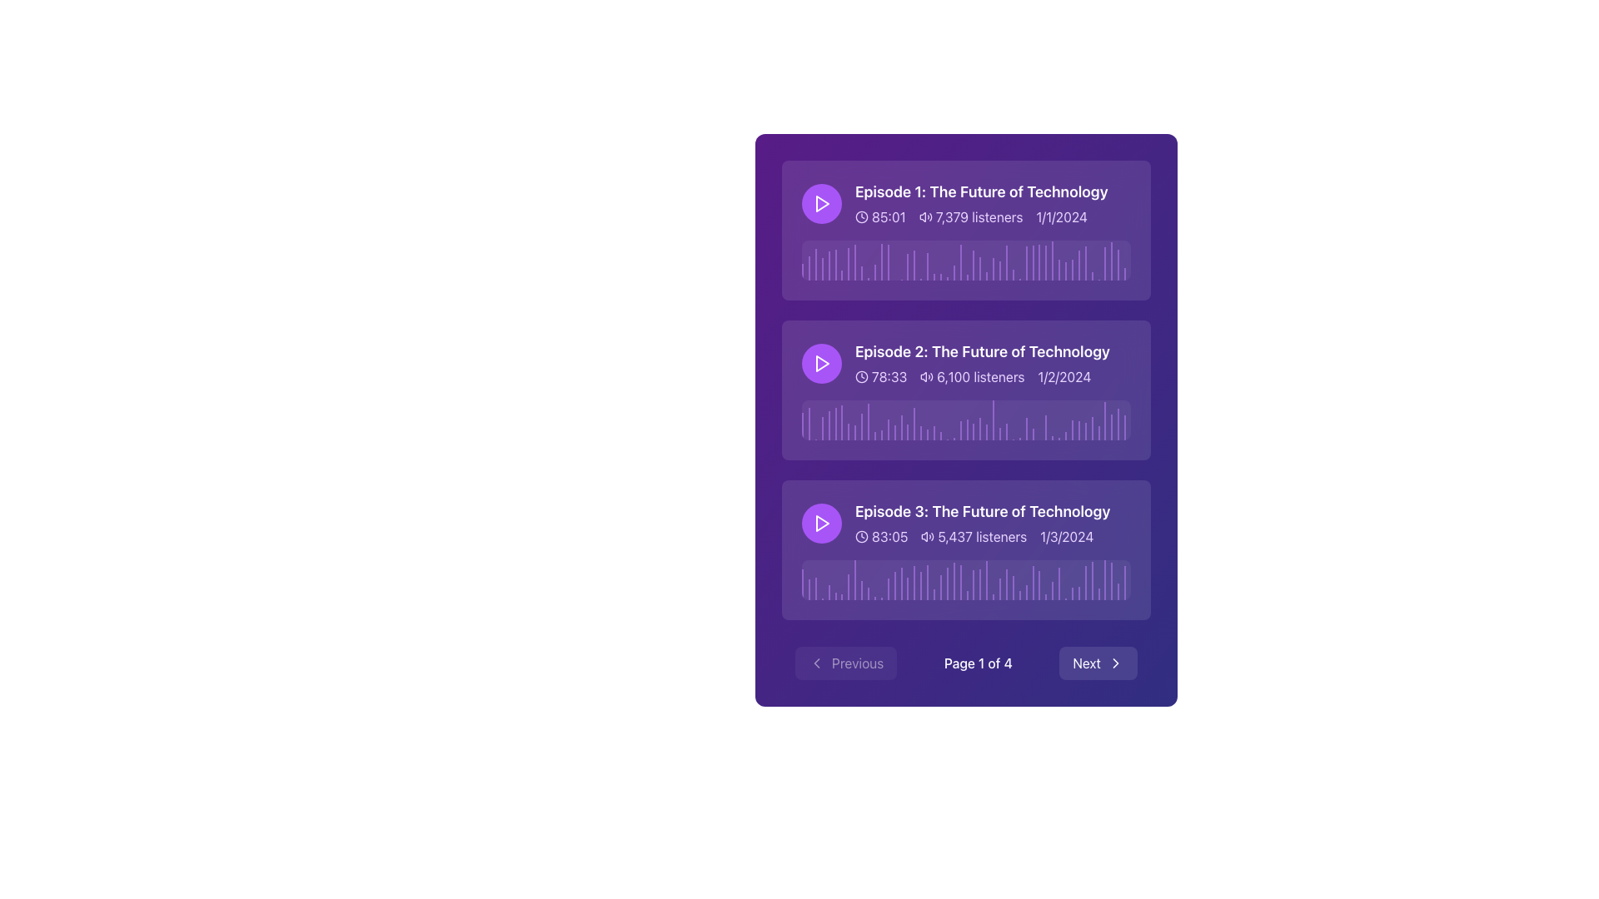 The width and height of the screenshot is (1599, 899). What do you see at coordinates (809, 423) in the screenshot?
I see `the second vertical segment of the playback progress indicator for 'Episode 2: The Future of Technology' located under the second row of podcast episodes` at bounding box center [809, 423].